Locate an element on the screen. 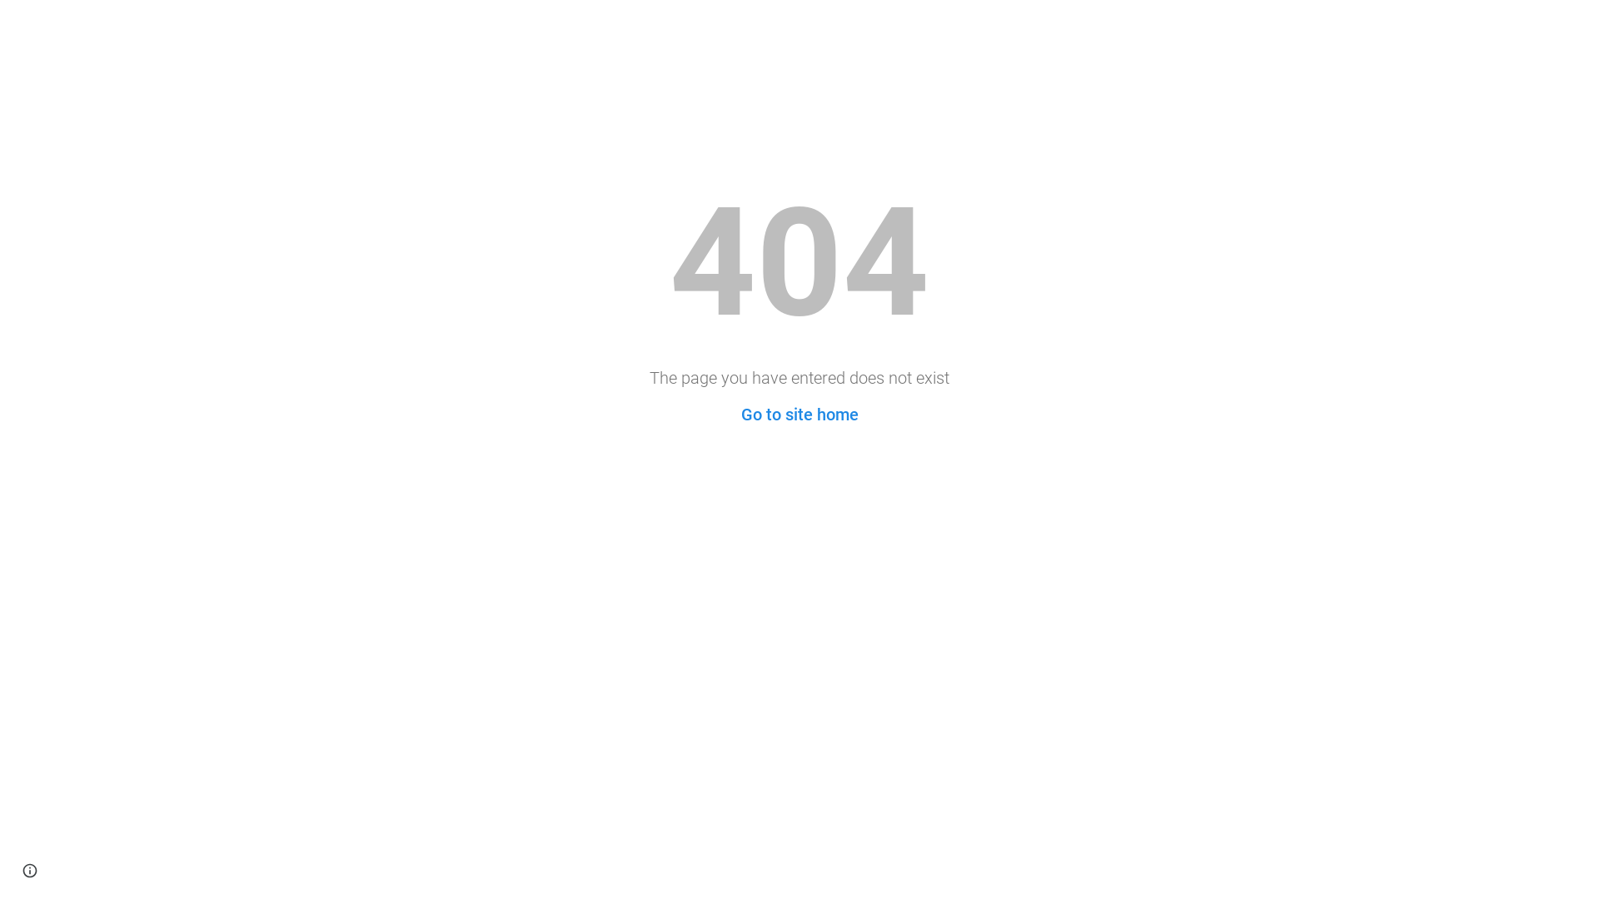  'Go to site home' is located at coordinates (740, 413).